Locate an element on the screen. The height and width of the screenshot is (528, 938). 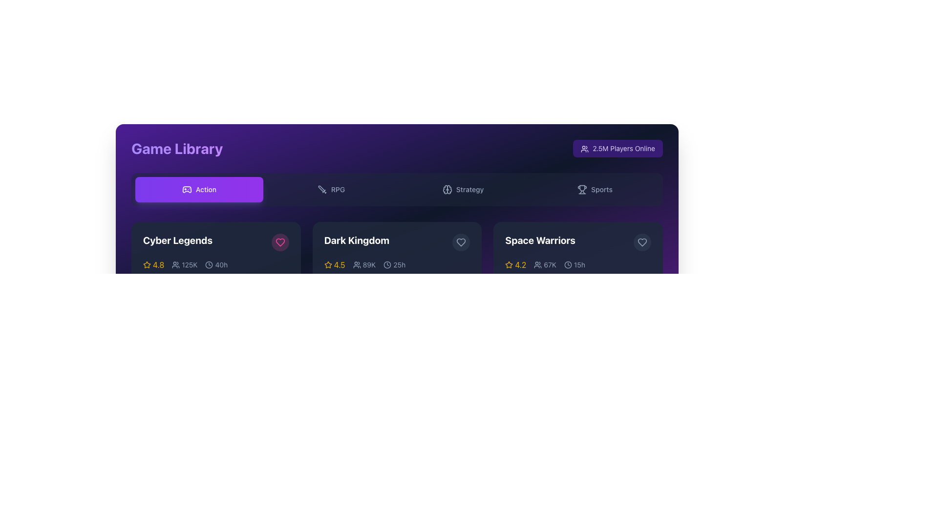
the outer circular boundary of the clock symbol in the SVG graphic, located near the 'Strategy' category label is located at coordinates (387, 265).